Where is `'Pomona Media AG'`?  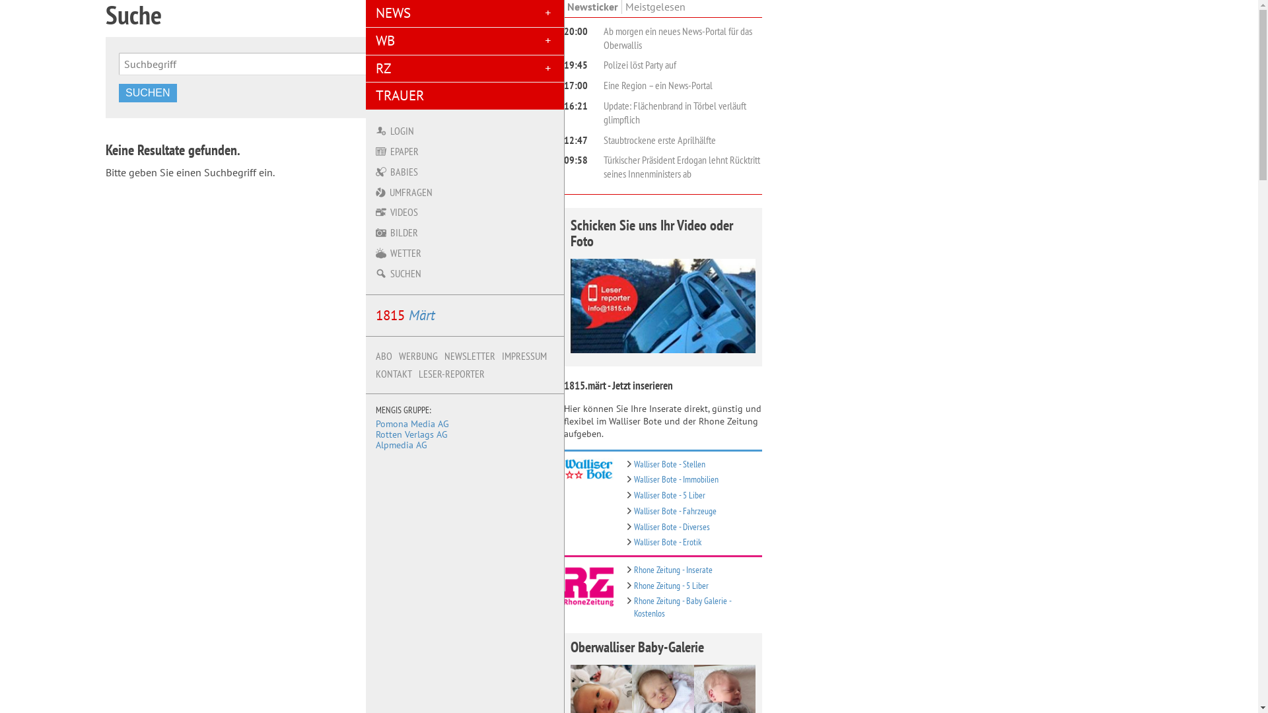
'Pomona Media AG' is located at coordinates (411, 423).